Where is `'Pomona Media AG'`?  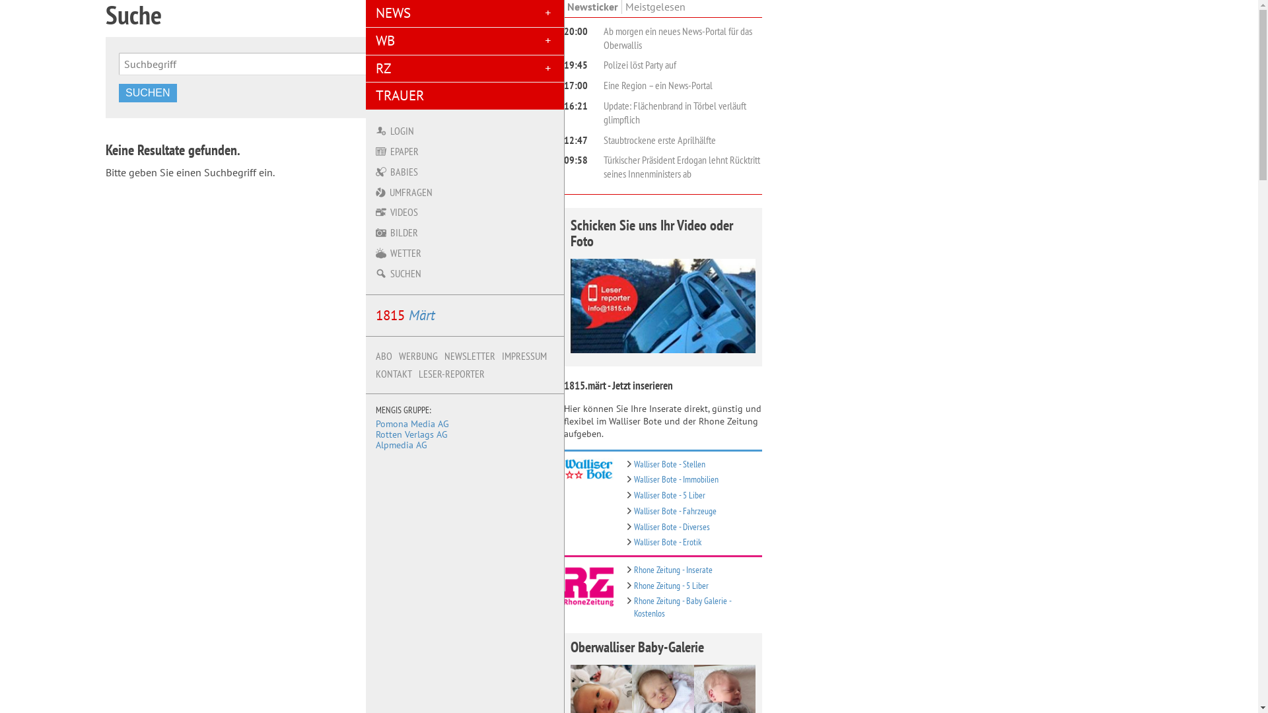
'Pomona Media AG' is located at coordinates (411, 423).